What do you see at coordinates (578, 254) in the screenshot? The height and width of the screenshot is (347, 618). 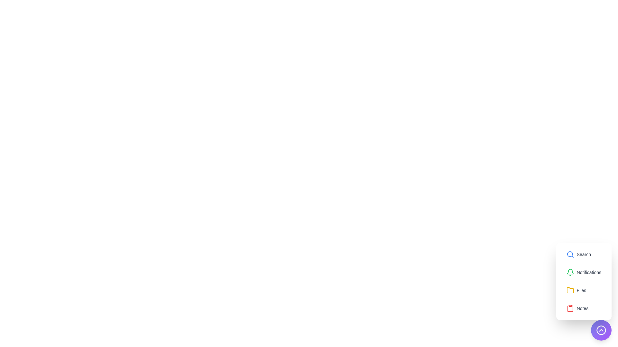 I see `the menu item labeled Search to reveal its hover effect` at bounding box center [578, 254].